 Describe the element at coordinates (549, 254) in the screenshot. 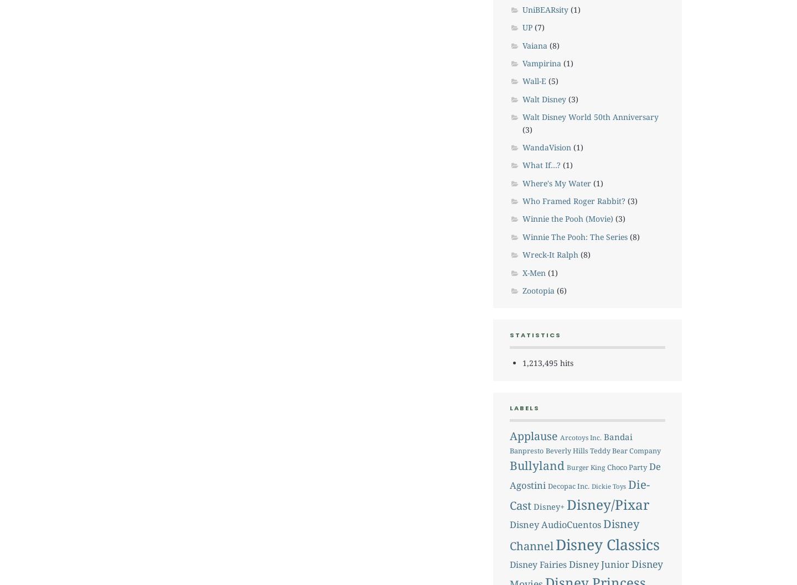

I see `'Wreck-It Ralph'` at that location.